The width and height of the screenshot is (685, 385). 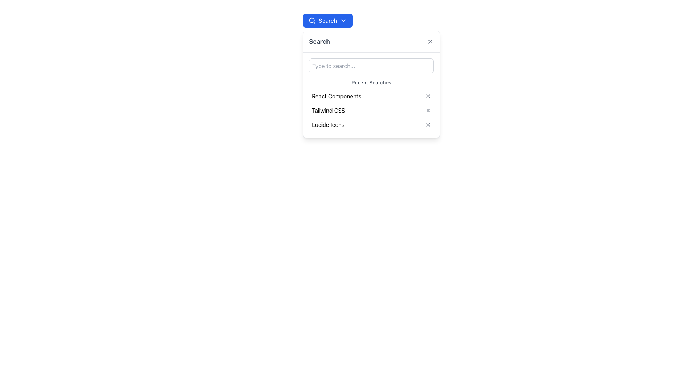 What do you see at coordinates (312, 20) in the screenshot?
I see `the 'Search' button located at the top-left corner of the interface, which contains a circular icon representing a magnifying glass` at bounding box center [312, 20].